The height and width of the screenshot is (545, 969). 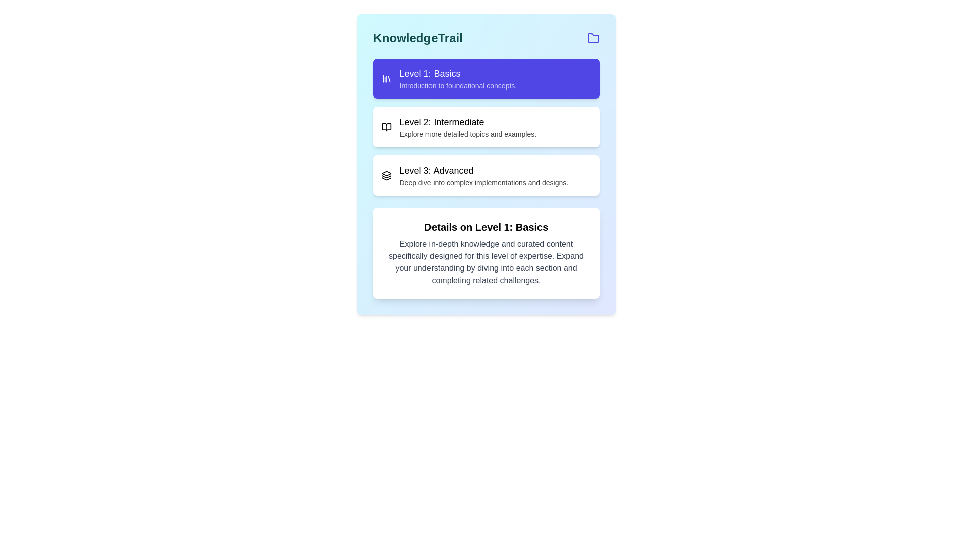 What do you see at coordinates (483, 170) in the screenshot?
I see `the text from the title element indicating the level and its associated complexity` at bounding box center [483, 170].